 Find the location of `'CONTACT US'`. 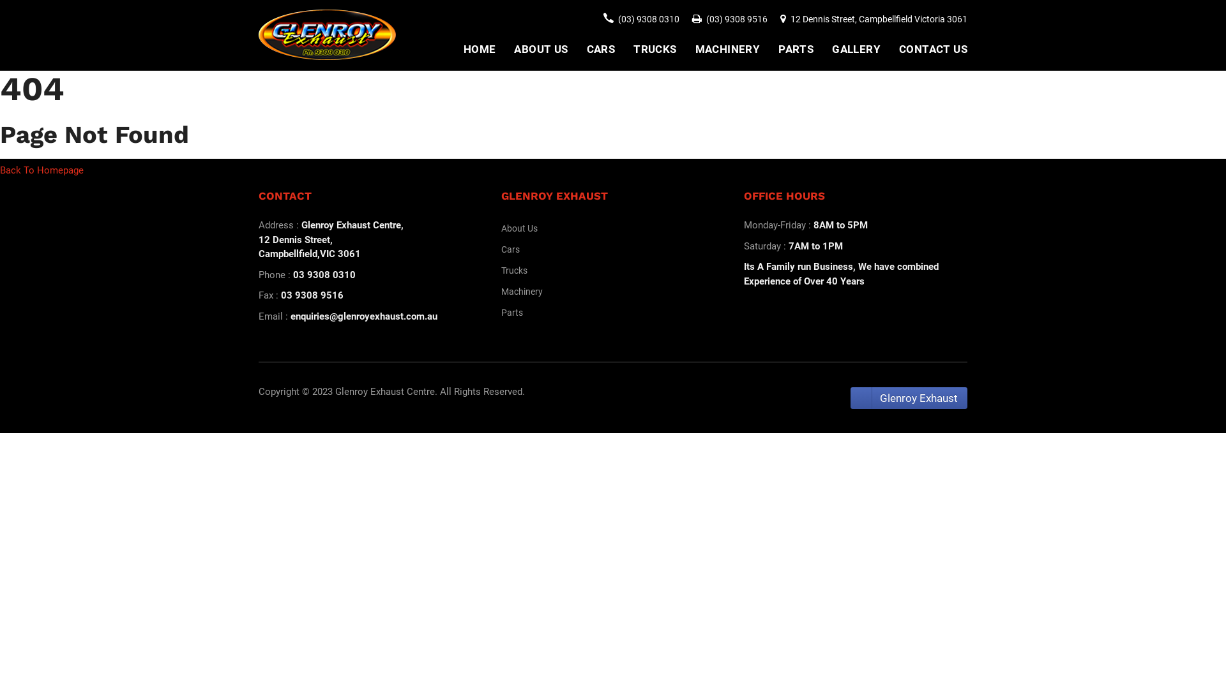

'CONTACT US' is located at coordinates (933, 48).